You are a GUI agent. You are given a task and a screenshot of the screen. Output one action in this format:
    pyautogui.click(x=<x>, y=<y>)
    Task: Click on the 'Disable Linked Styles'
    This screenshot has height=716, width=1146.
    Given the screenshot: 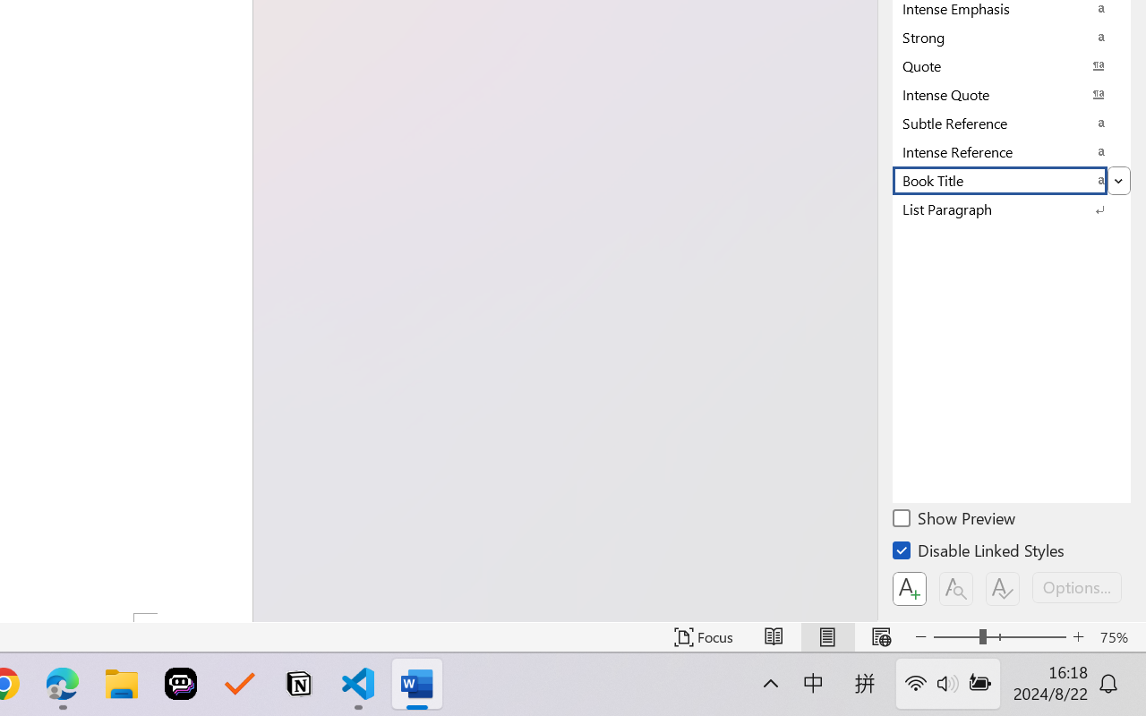 What is the action you would take?
    pyautogui.click(x=979, y=553)
    